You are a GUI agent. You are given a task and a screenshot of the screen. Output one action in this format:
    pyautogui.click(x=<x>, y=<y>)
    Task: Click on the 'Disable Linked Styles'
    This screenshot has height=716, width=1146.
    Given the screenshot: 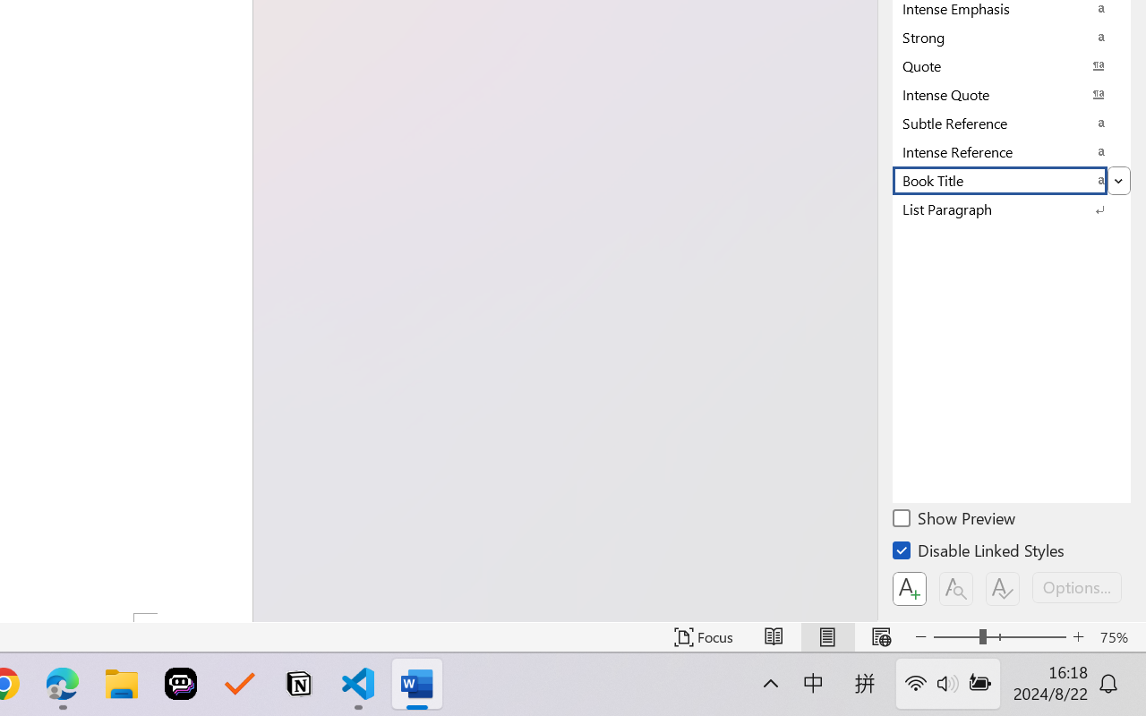 What is the action you would take?
    pyautogui.click(x=979, y=553)
    